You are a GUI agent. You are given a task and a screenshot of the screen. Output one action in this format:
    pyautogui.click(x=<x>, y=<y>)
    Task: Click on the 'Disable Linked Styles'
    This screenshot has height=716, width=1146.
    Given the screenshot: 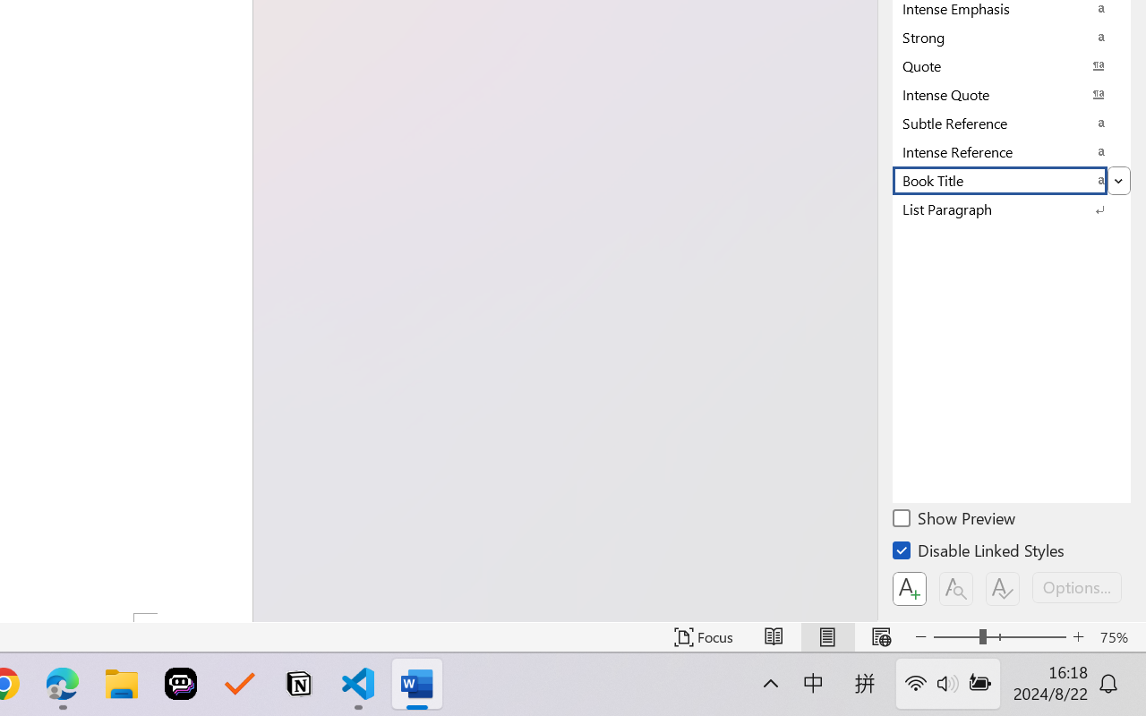 What is the action you would take?
    pyautogui.click(x=979, y=553)
    